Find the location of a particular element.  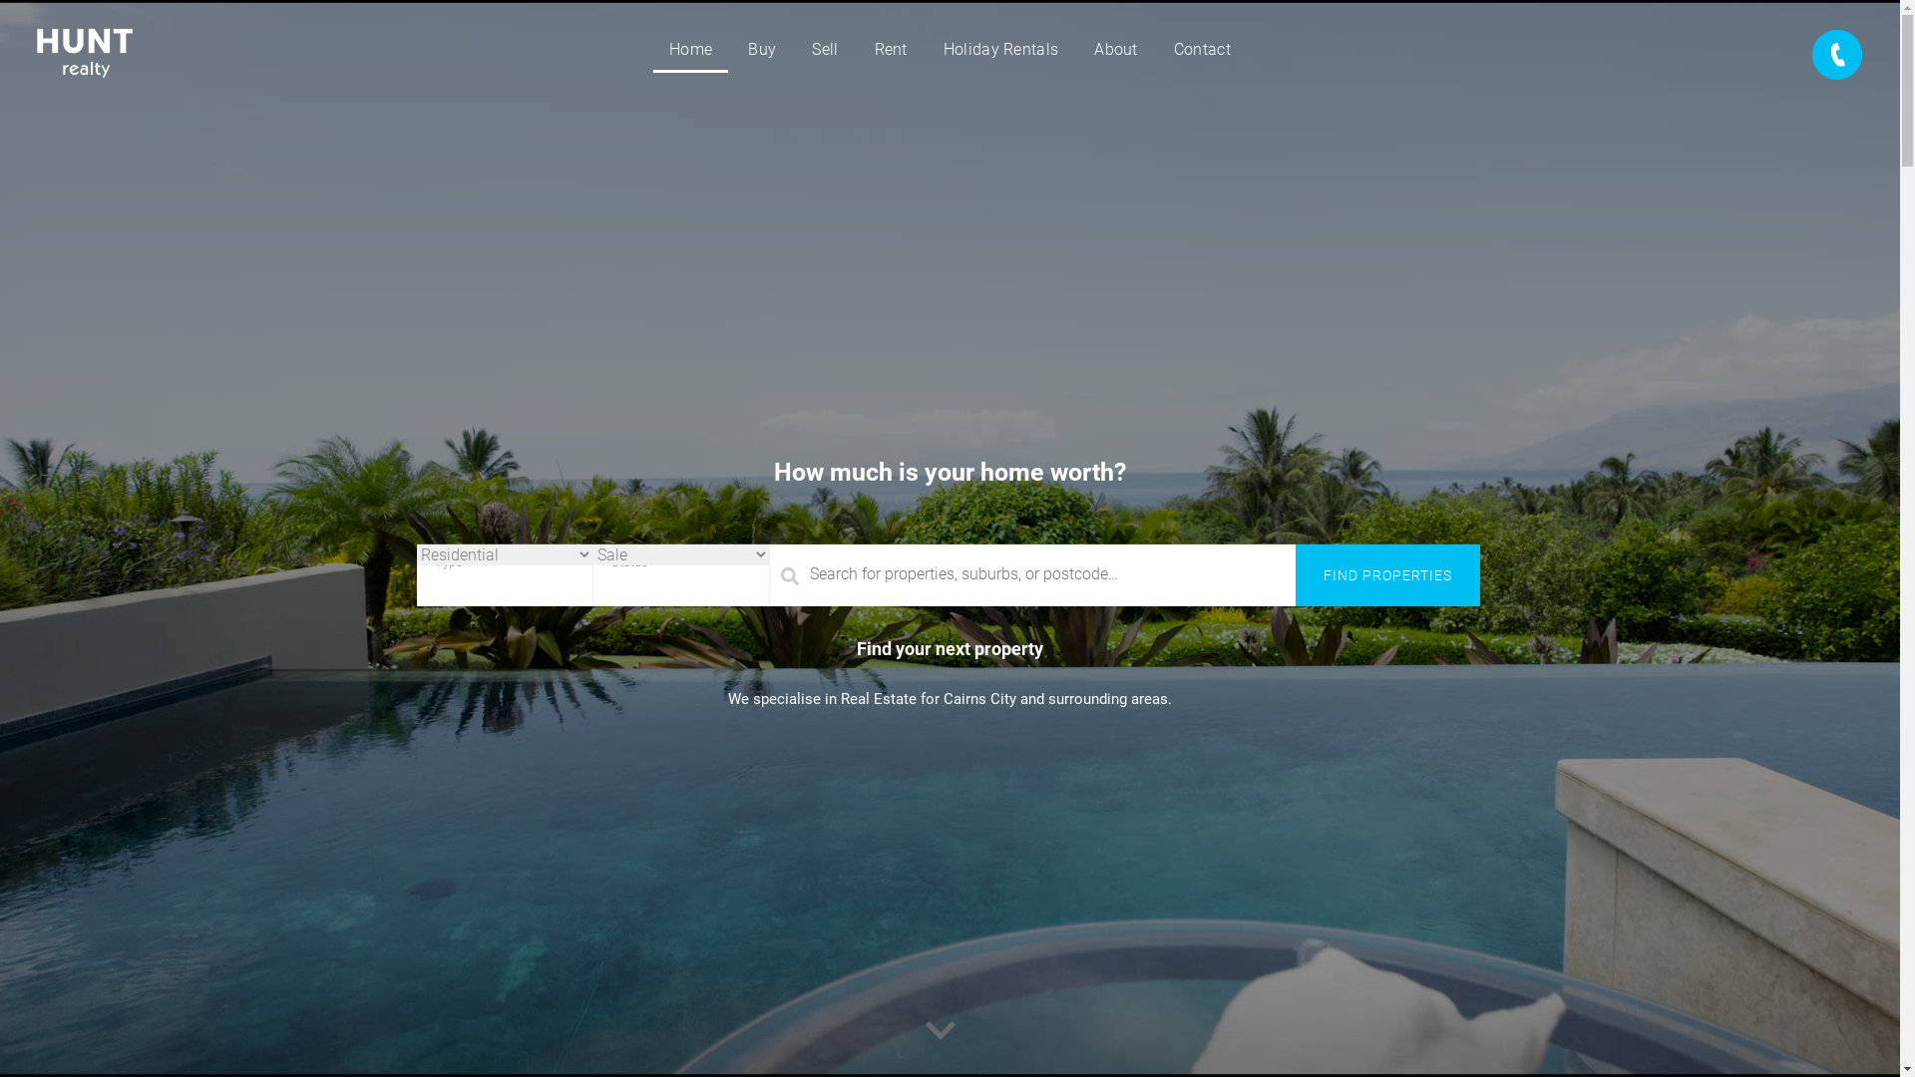

'Rent' is located at coordinates (889, 49).